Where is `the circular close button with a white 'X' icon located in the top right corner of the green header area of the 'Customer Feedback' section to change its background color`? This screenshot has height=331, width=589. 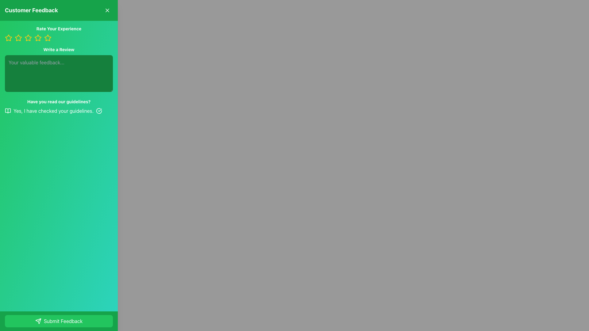
the circular close button with a white 'X' icon located in the top right corner of the green header area of the 'Customer Feedback' section to change its background color is located at coordinates (107, 10).